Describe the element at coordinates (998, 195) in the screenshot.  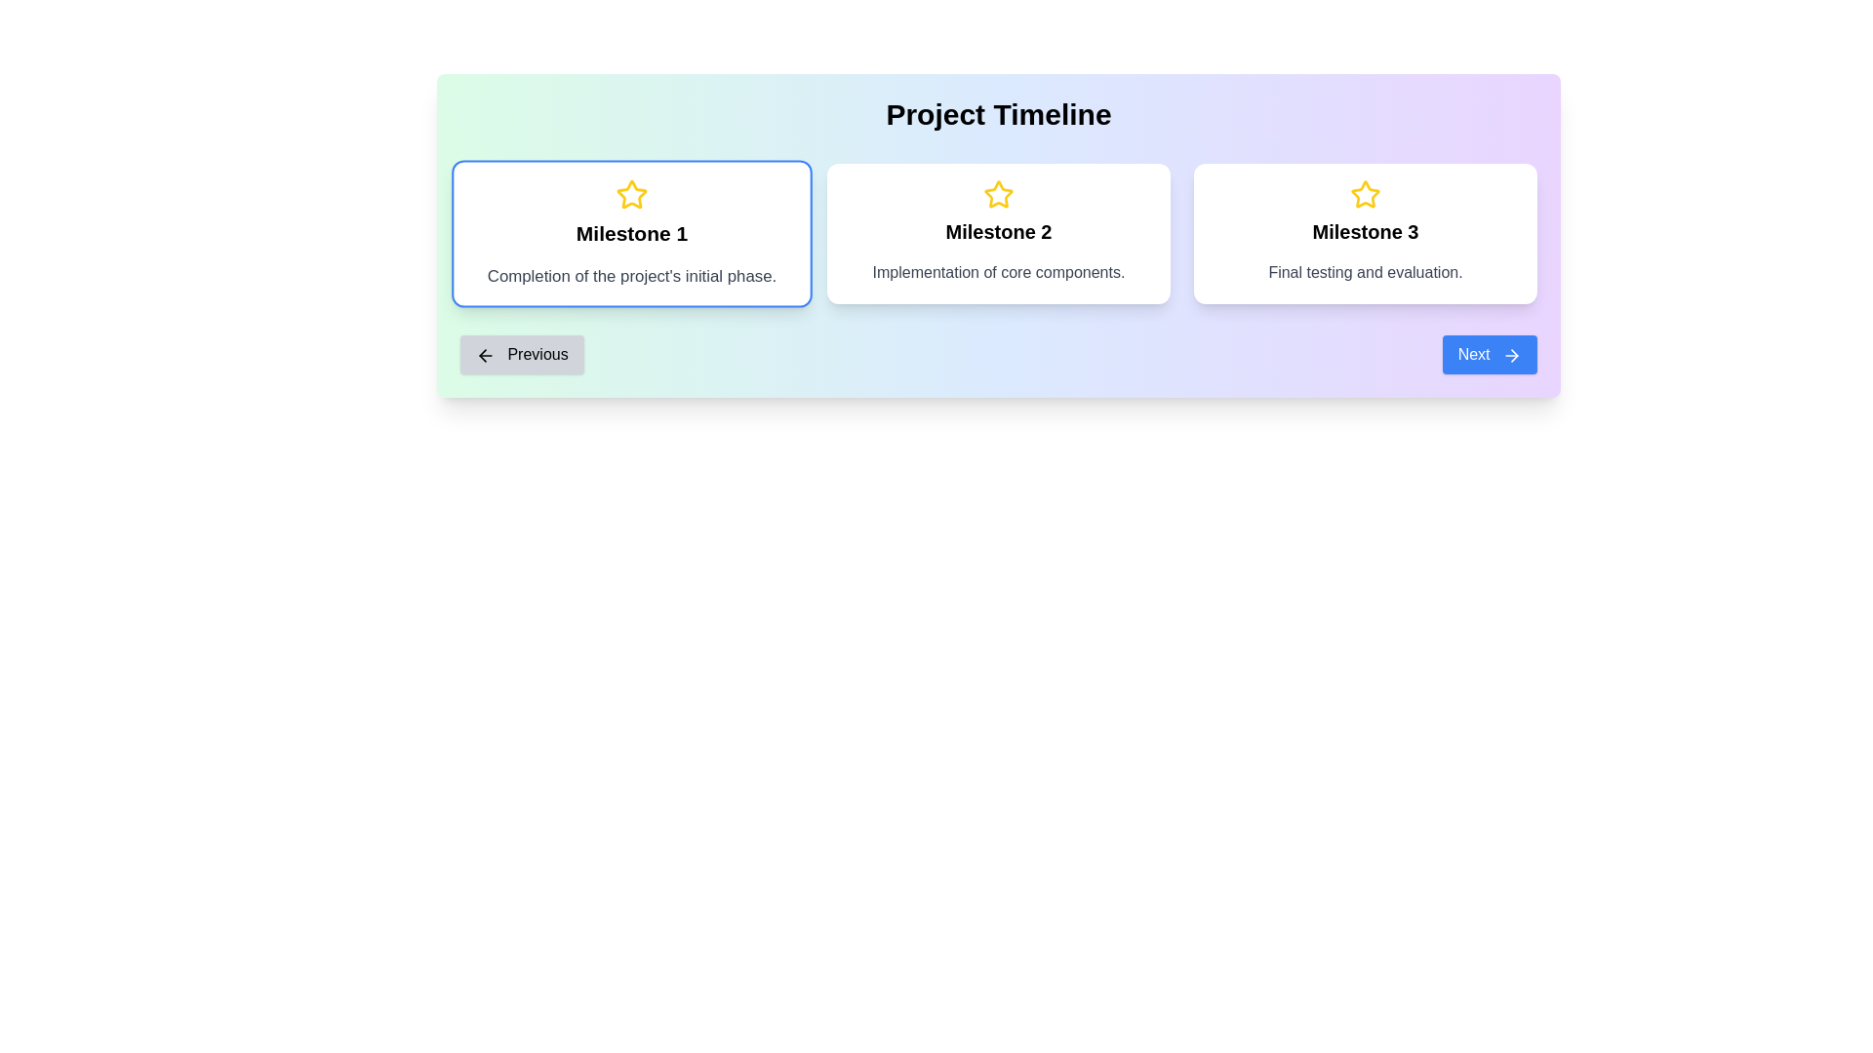
I see `the yellow star icon with a bold outline and hollow interior located at the top-center of the 'Milestone 2' card in the 'Project Timeline' section` at that location.